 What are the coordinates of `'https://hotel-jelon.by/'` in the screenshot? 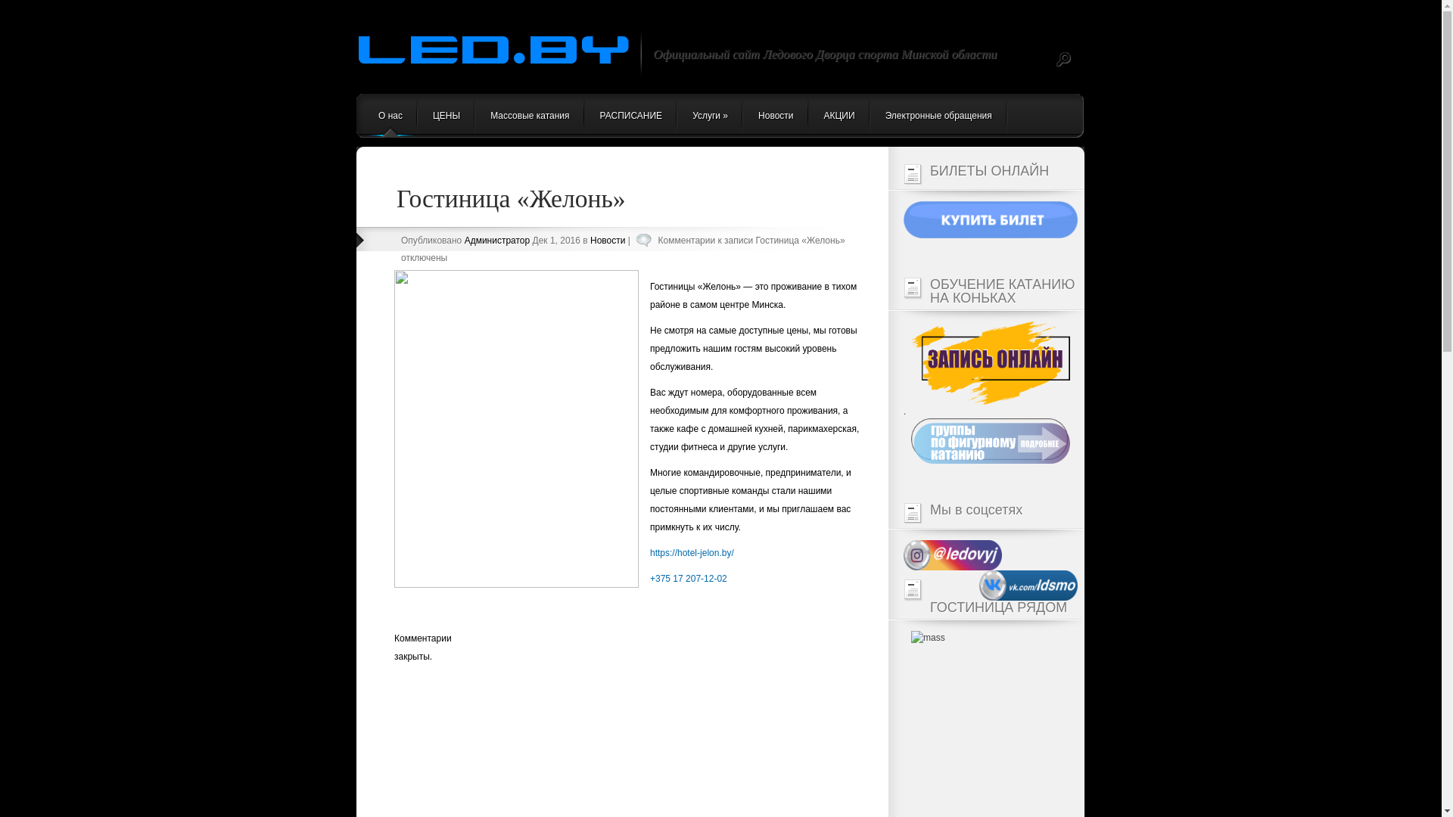 It's located at (691, 553).